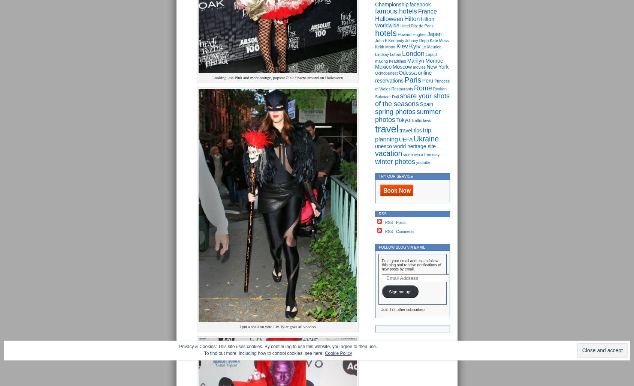  I want to click on 'movies', so click(419, 67).